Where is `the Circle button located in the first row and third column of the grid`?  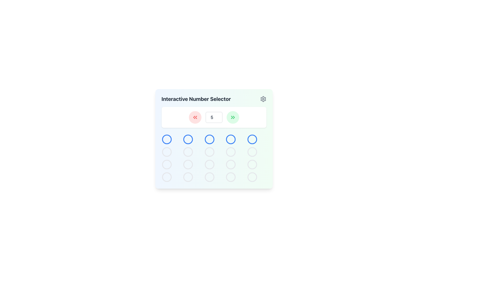
the Circle button located in the first row and third column of the grid is located at coordinates (188, 139).